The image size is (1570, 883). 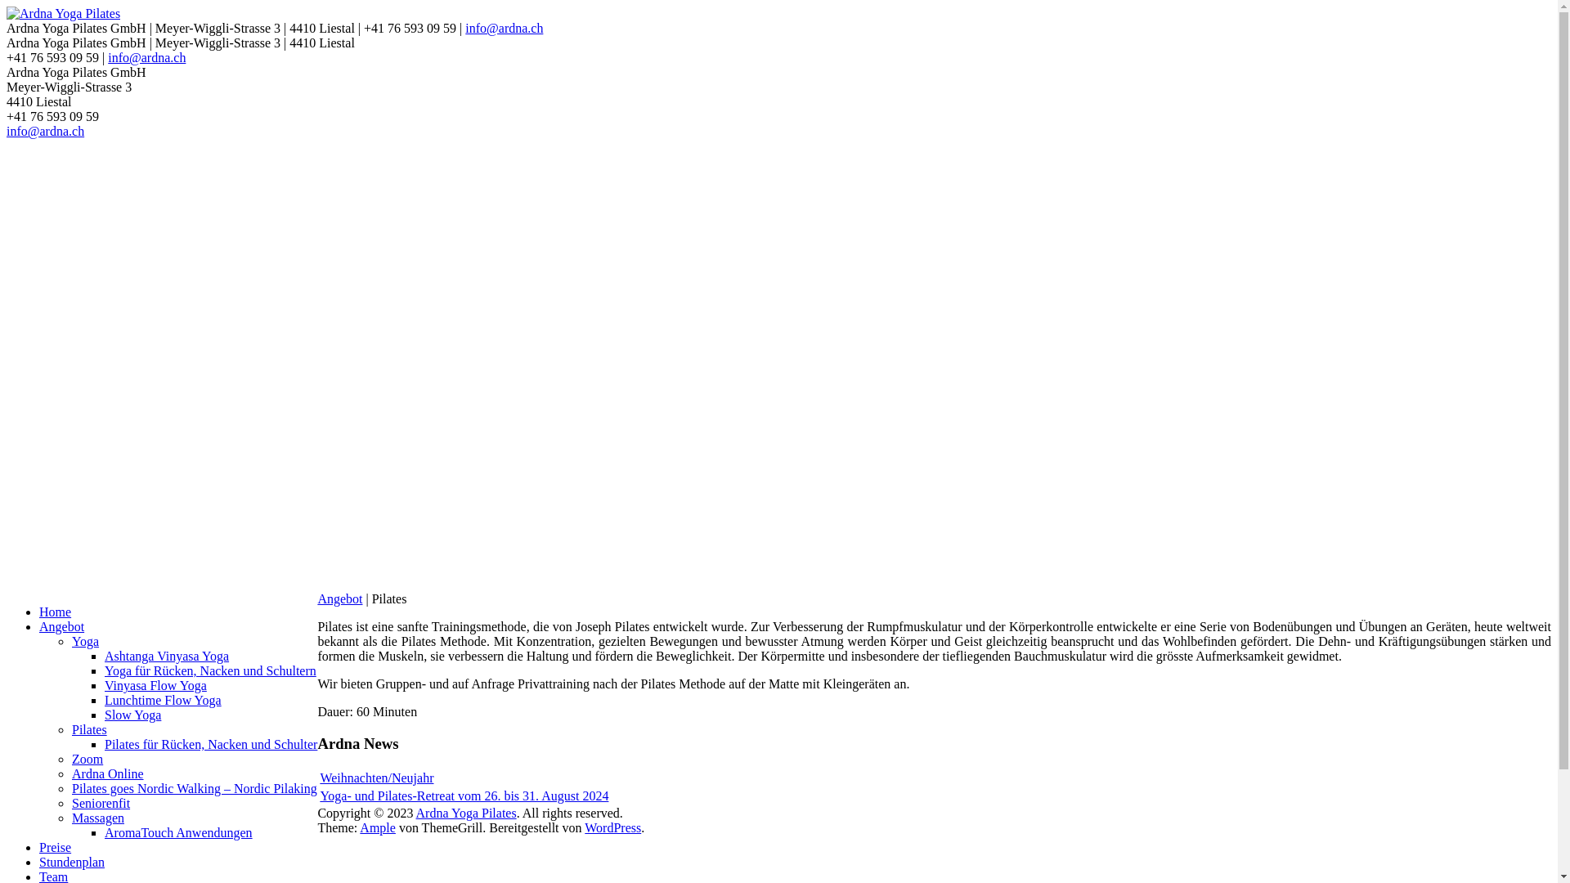 I want to click on 'Ashtanga Vinyasa Yoga', so click(x=167, y=655).